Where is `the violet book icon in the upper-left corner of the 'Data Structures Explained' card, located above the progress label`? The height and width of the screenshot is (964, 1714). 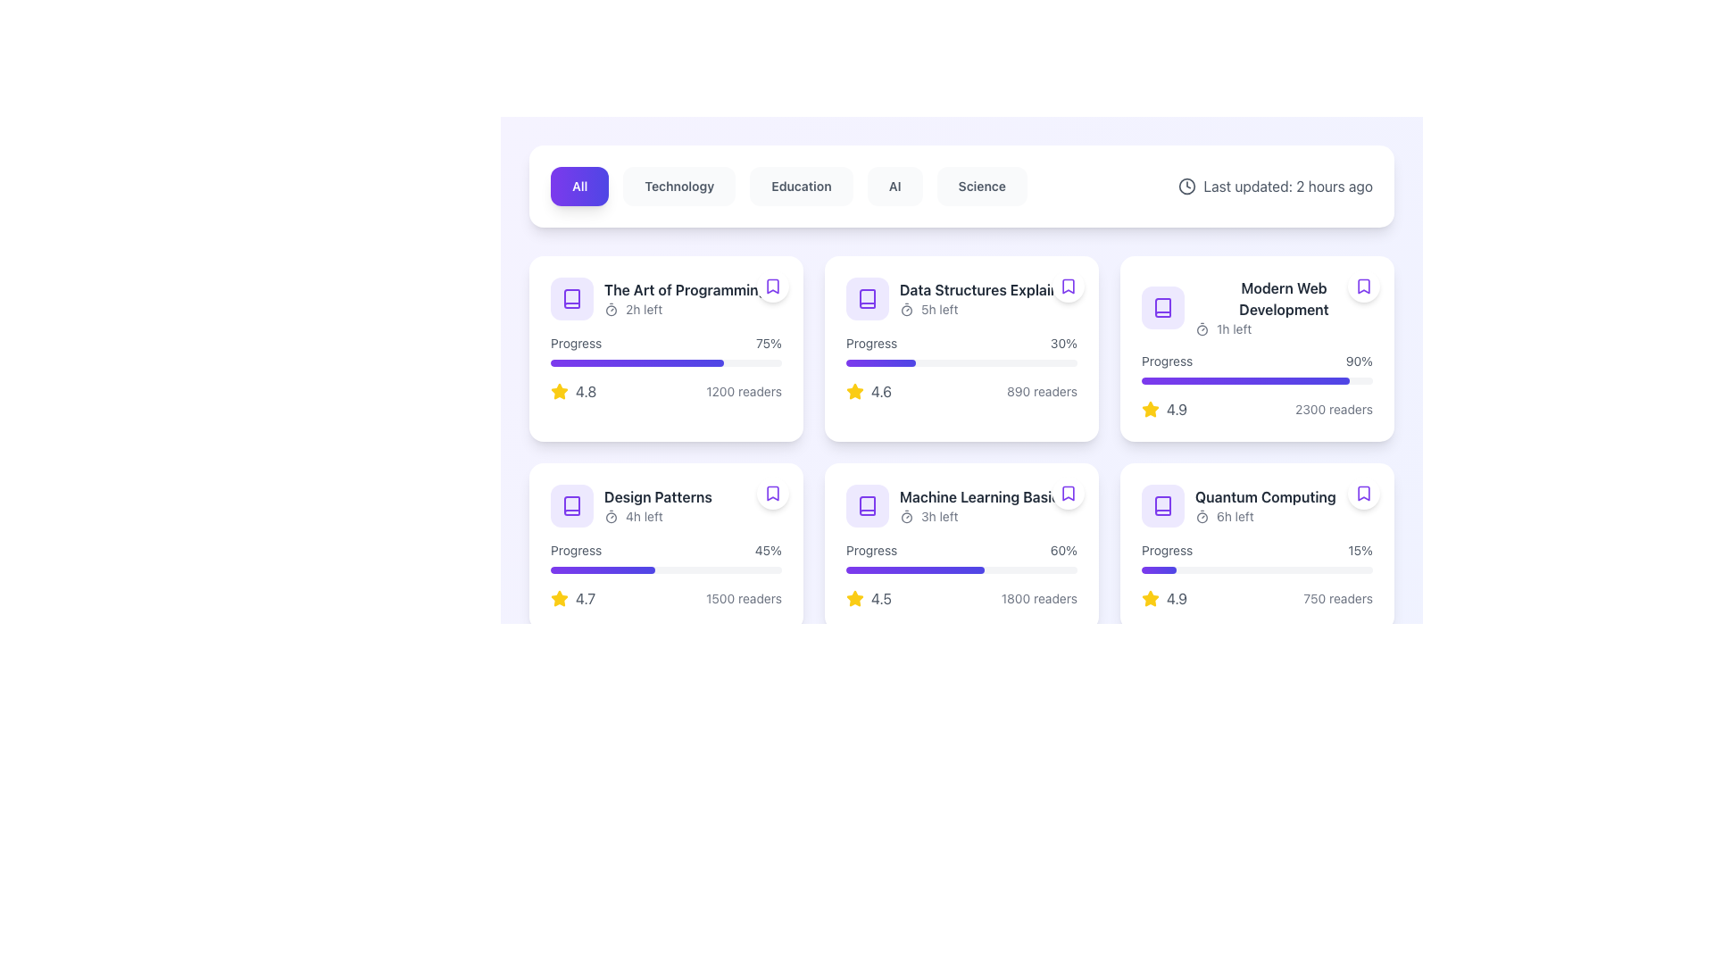
the violet book icon in the upper-left corner of the 'Data Structures Explained' card, located above the progress label is located at coordinates (1162, 506).